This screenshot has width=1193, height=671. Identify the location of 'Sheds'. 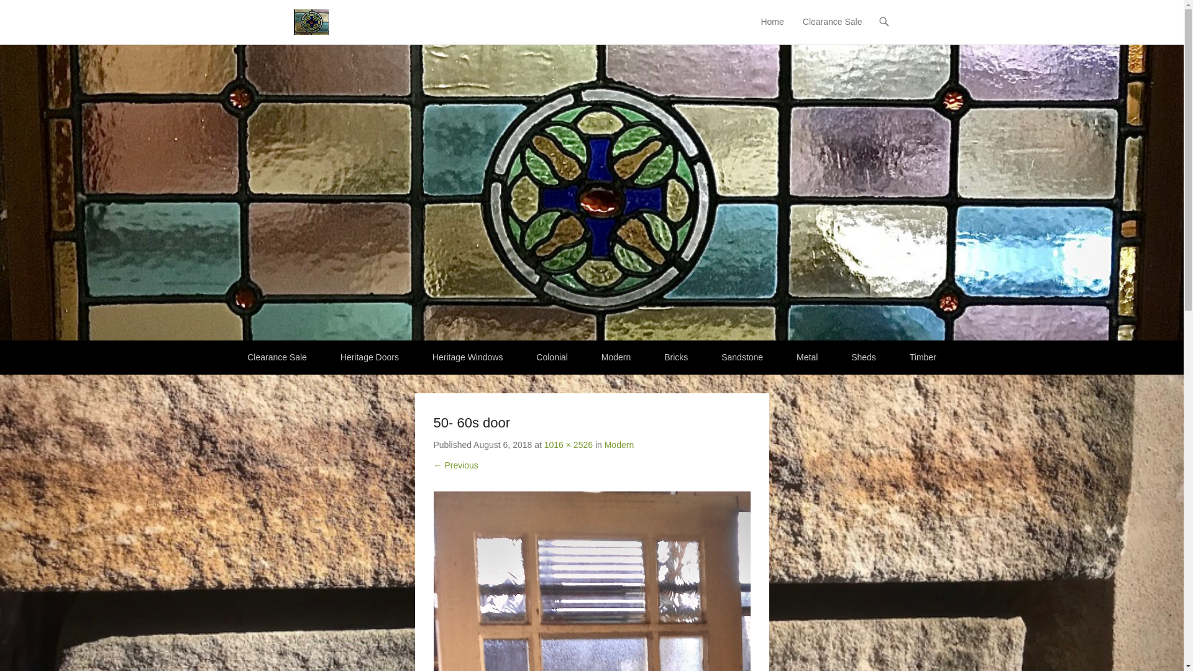
(863, 357).